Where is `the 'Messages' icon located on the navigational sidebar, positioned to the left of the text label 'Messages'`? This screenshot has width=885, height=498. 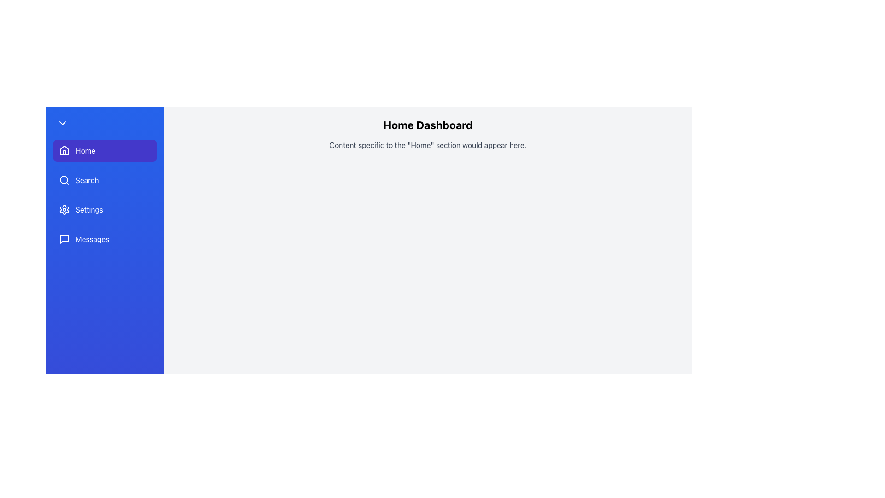
the 'Messages' icon located on the navigational sidebar, positioned to the left of the text label 'Messages' is located at coordinates (64, 239).